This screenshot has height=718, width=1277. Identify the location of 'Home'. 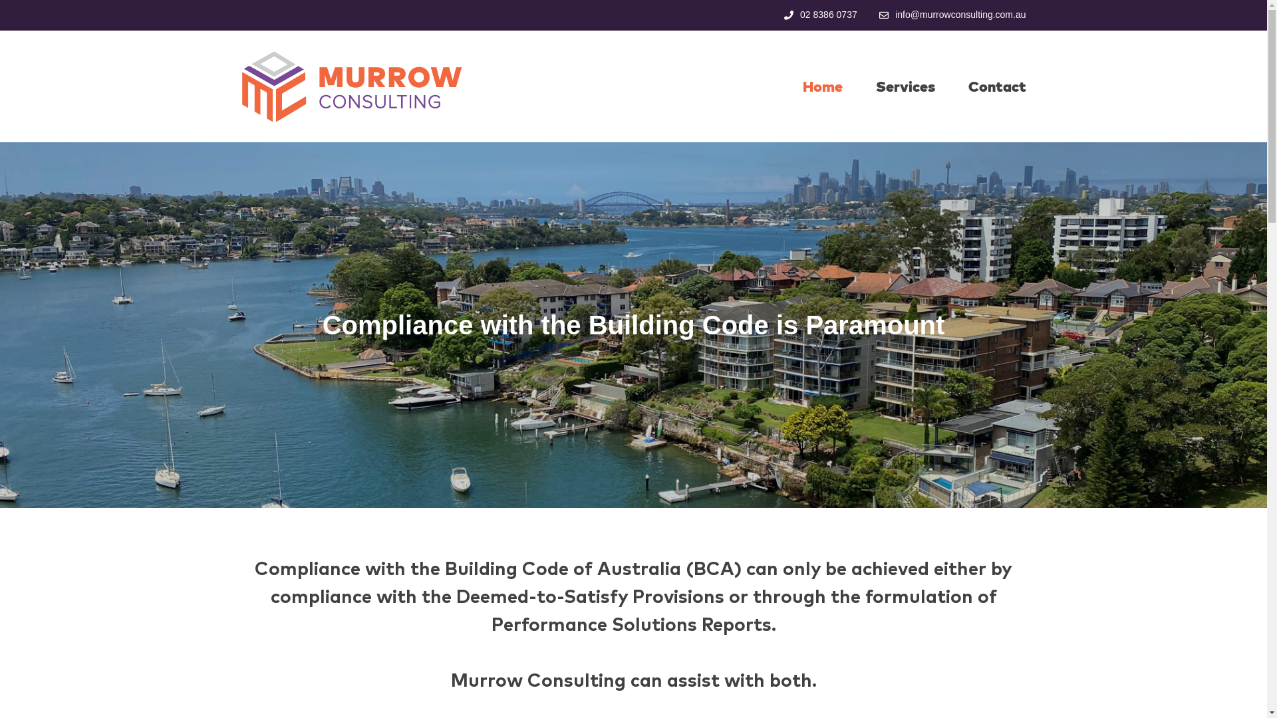
(821, 86).